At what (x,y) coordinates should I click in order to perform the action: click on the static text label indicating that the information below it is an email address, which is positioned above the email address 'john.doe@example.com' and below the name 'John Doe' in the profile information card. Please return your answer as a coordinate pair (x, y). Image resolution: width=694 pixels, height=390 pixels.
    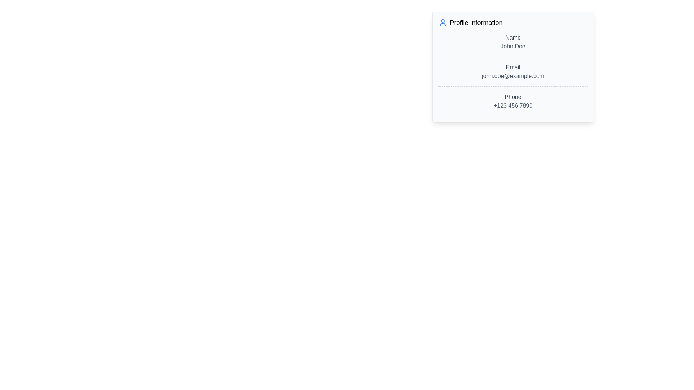
    Looking at the image, I should click on (513, 67).